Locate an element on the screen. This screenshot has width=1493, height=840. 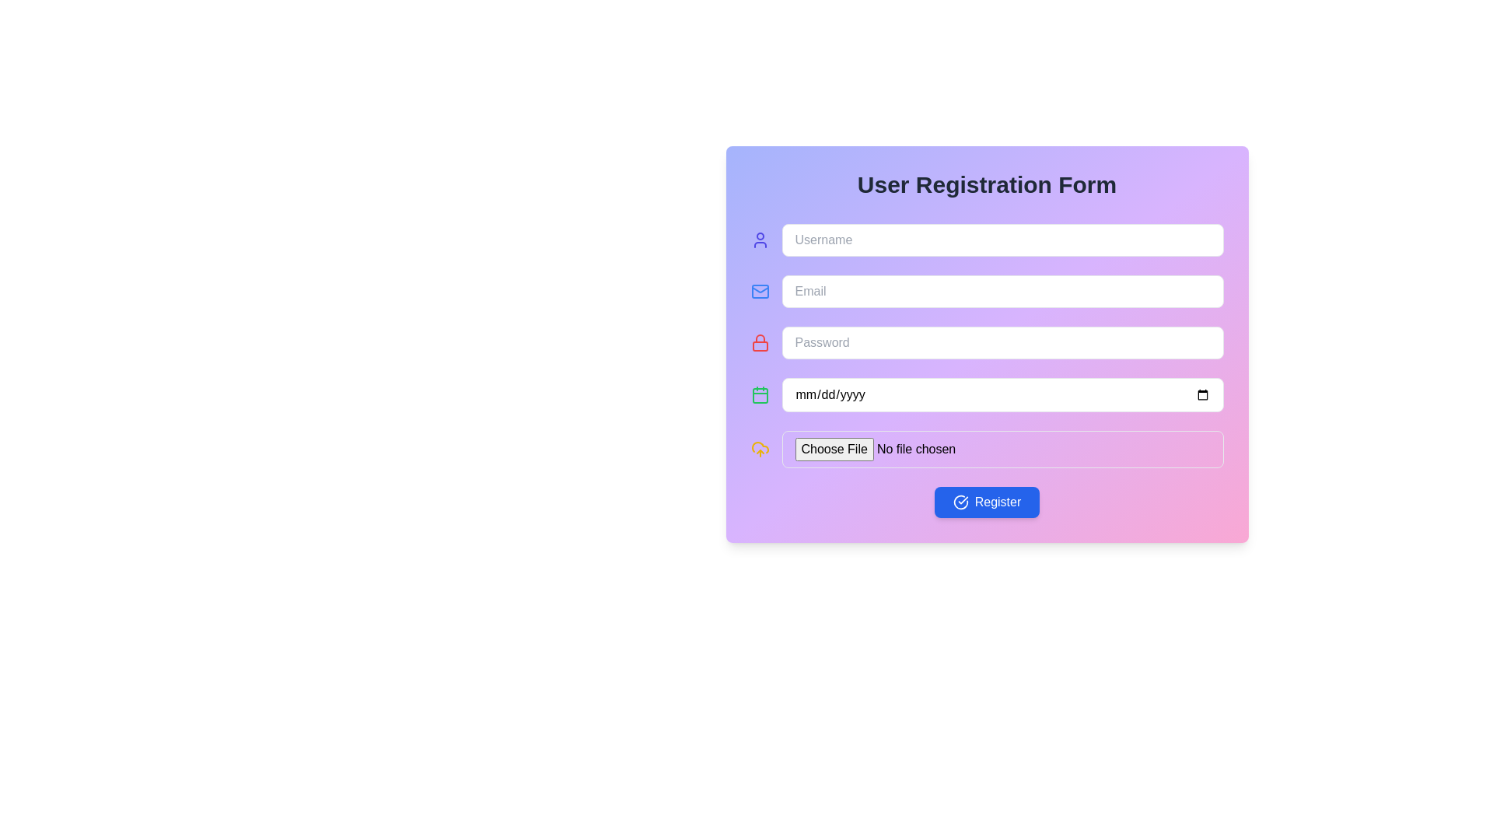
the File input field is located at coordinates (986, 450).